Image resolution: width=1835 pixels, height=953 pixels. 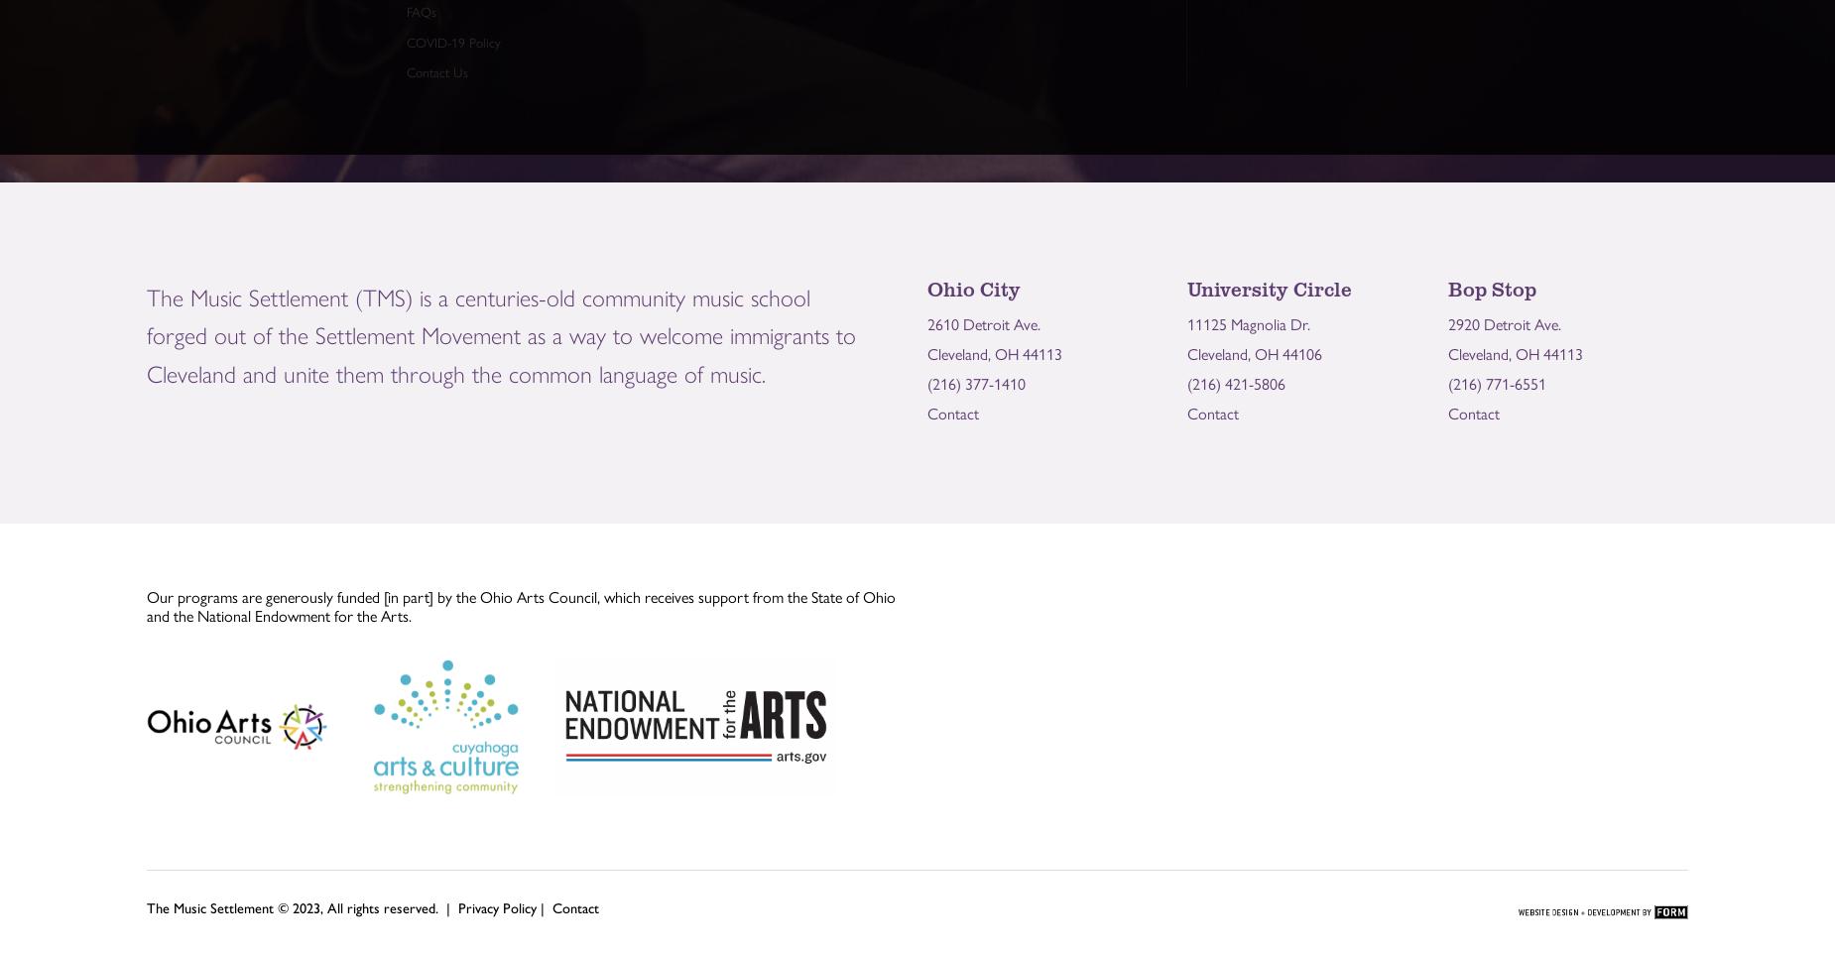 I want to click on '2610 Detroit Ave.', so click(x=982, y=321).